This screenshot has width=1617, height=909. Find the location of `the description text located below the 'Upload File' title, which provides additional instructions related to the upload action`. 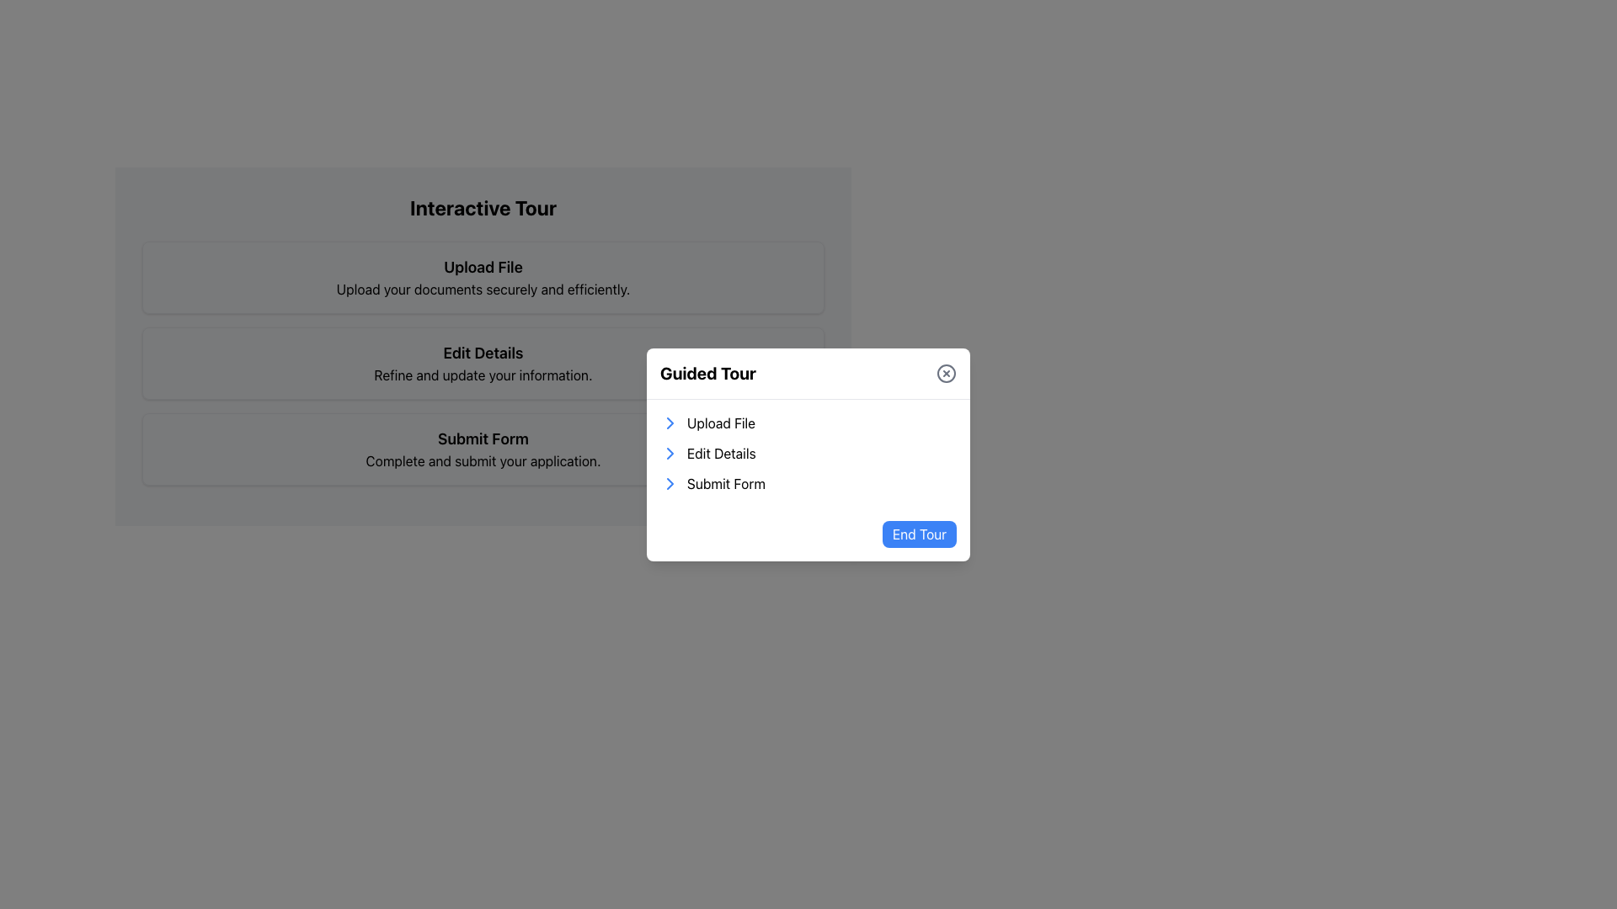

the description text located below the 'Upload File' title, which provides additional instructions related to the upload action is located at coordinates (483, 288).